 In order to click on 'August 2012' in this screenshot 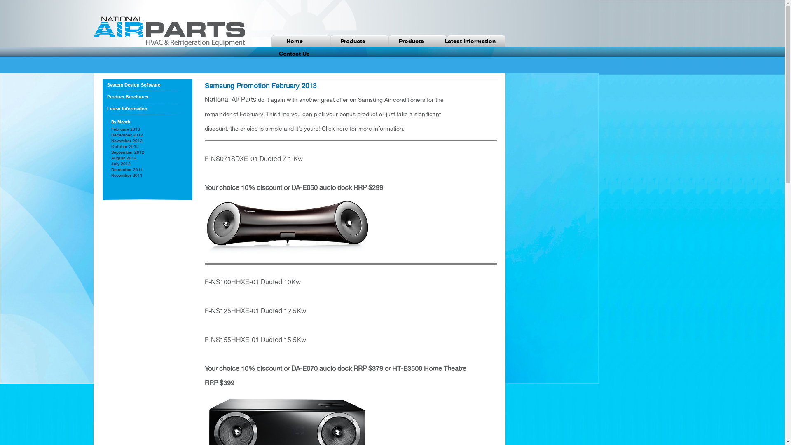, I will do `click(110, 157)`.